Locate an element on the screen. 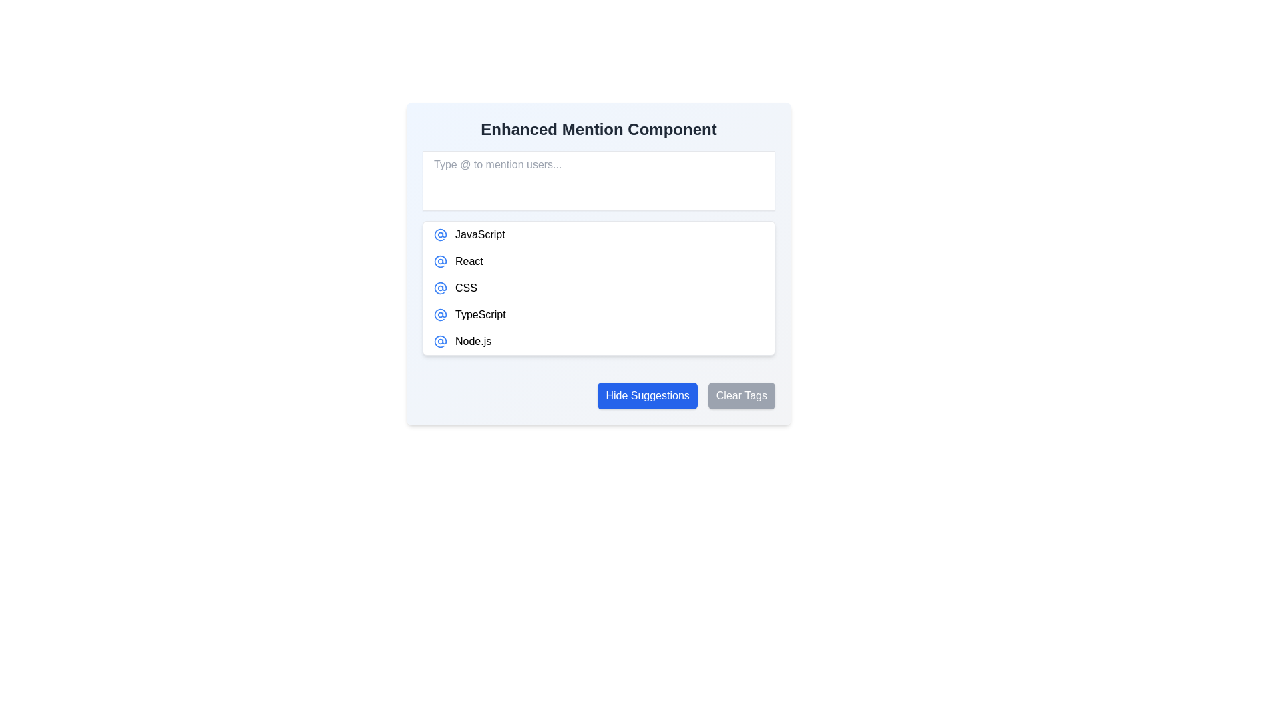 The height and width of the screenshot is (721, 1282). the second graphical component icon associated with the suggestion 'React' located inside the suggestion list under the 'Enhanced Mention Component' text input field is located at coordinates (441, 234).